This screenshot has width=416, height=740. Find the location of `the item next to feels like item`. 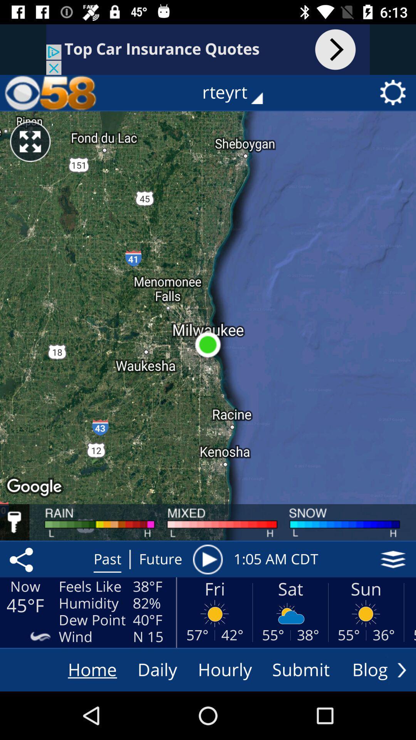

the item next to feels like item is located at coordinates (22, 559).